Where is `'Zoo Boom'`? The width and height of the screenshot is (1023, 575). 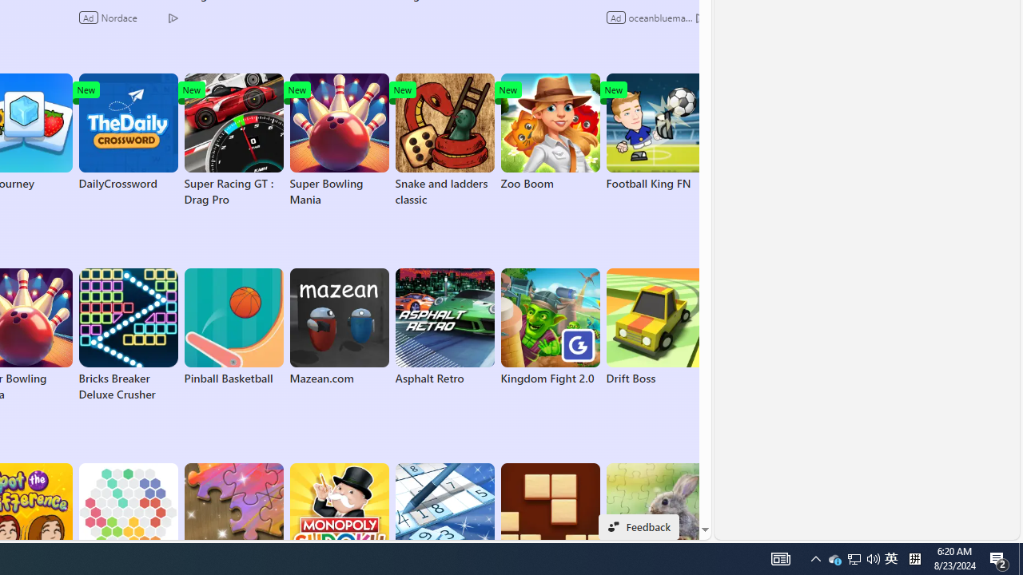 'Zoo Boom' is located at coordinates (550, 131).